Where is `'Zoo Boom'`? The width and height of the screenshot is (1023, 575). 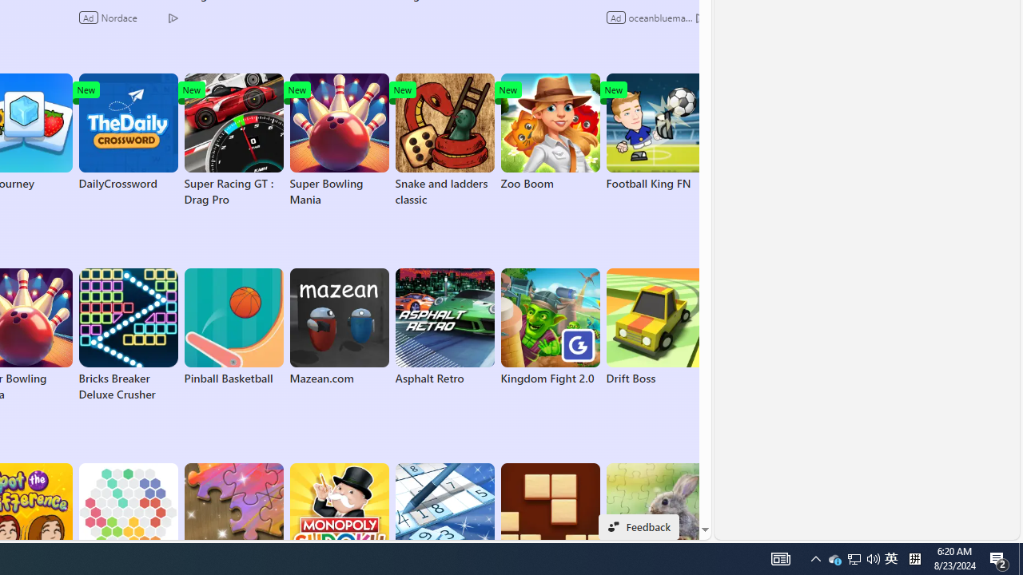 'Zoo Boom' is located at coordinates (550, 131).